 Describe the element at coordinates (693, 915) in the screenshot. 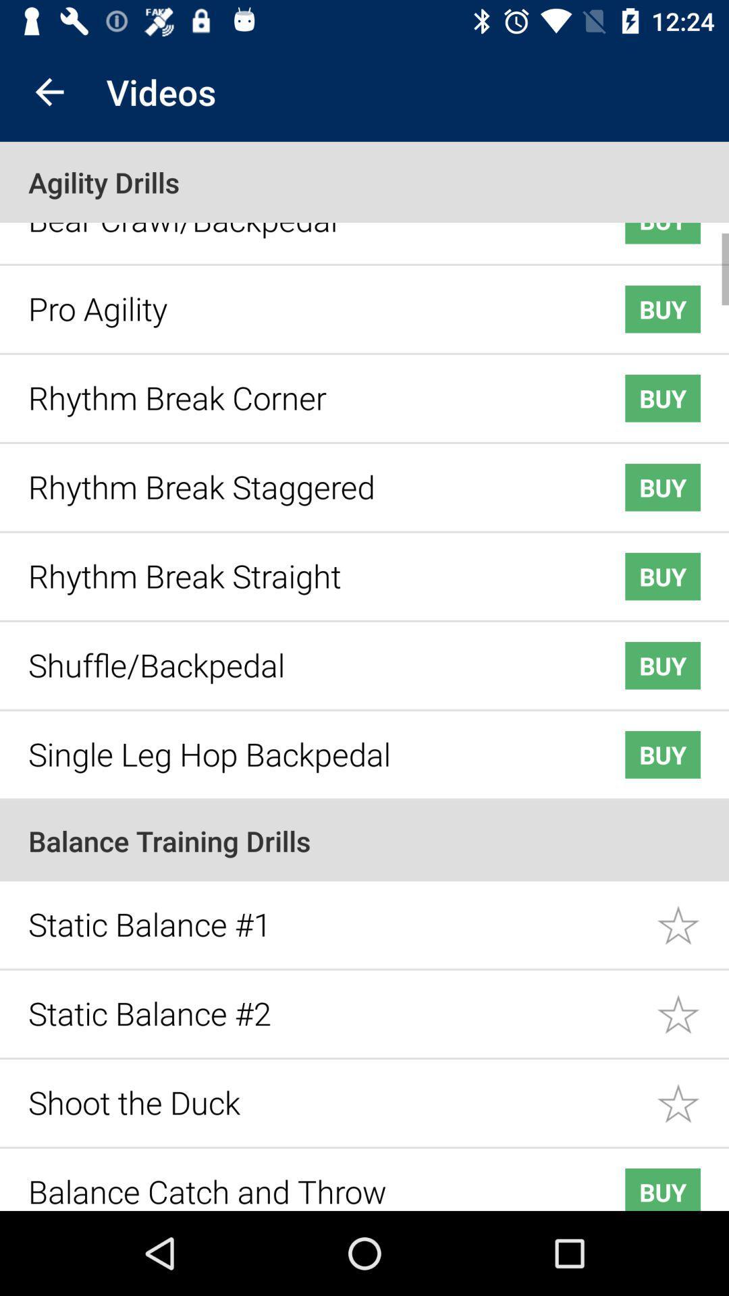

I see `static balance 1` at that location.